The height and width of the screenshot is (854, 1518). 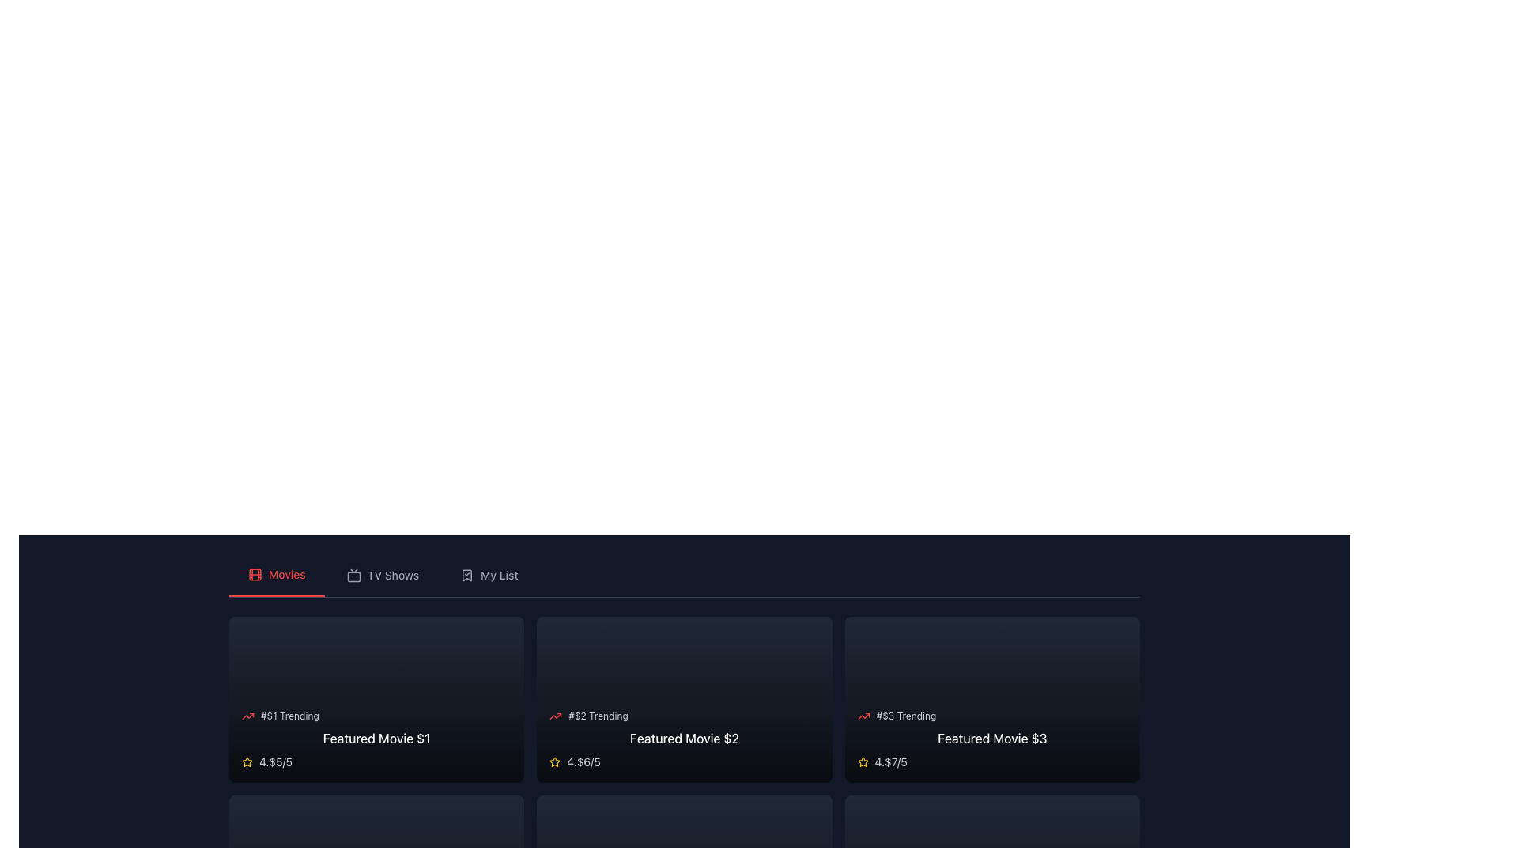 What do you see at coordinates (891, 761) in the screenshot?
I see `the text label displaying the rating '4.$7/5' which is styled in gray and positioned next to a star icon within the 'Featured Movie $3' card` at bounding box center [891, 761].